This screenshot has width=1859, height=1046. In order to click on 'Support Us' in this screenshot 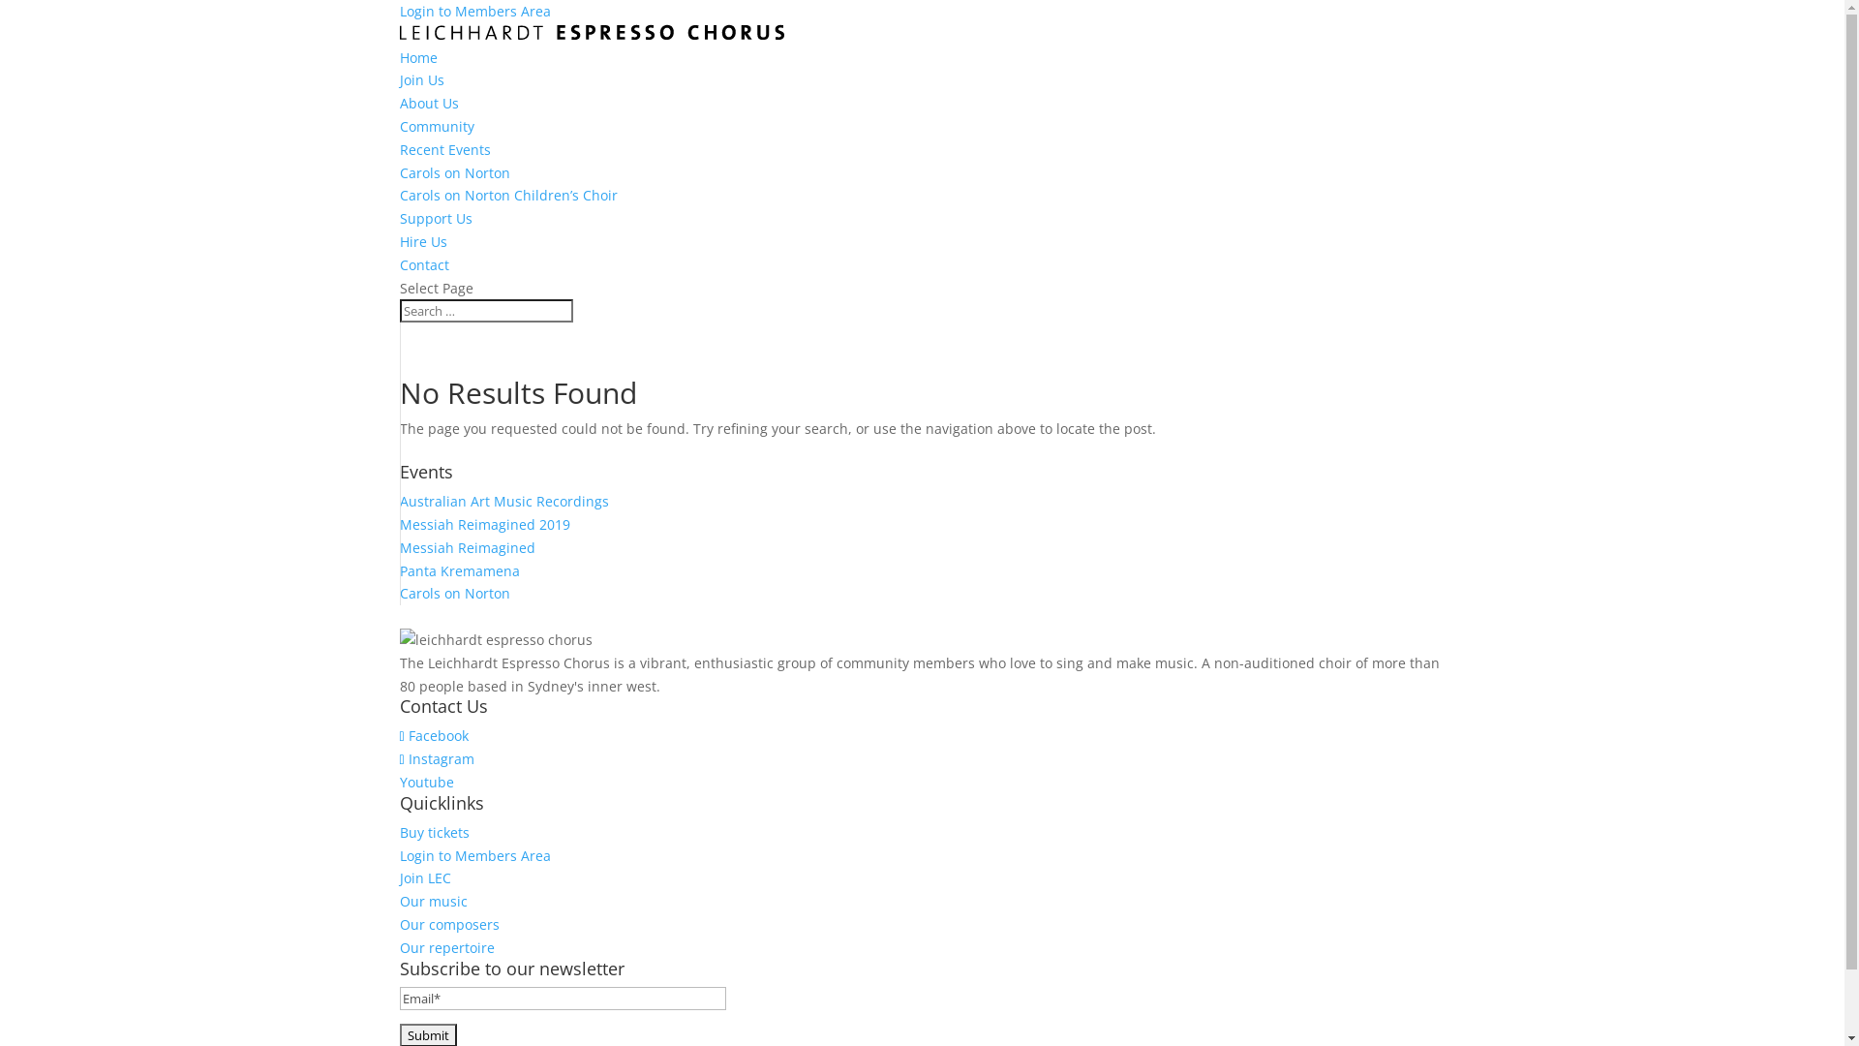, I will do `click(398, 218)`.